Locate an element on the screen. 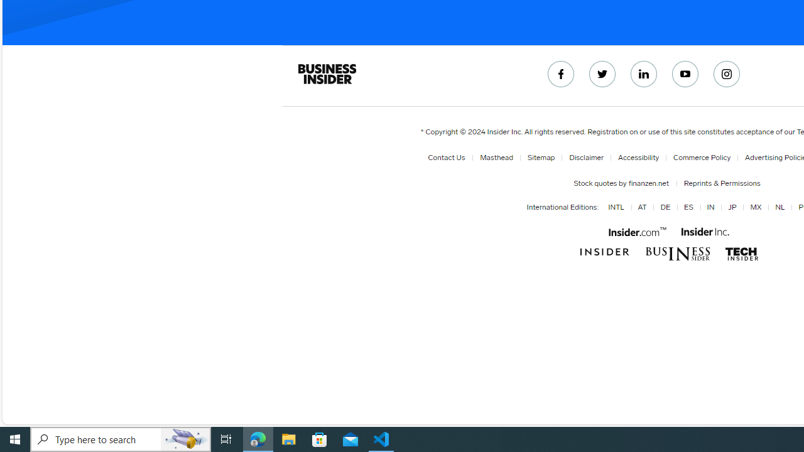  'Reprints and Permissions' is located at coordinates (722, 183).